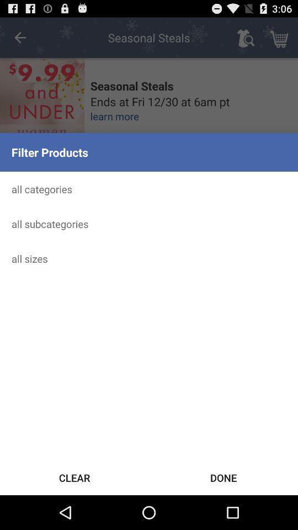 The image size is (298, 530). What do you see at coordinates (74, 477) in the screenshot?
I see `the item at the bottom left corner` at bounding box center [74, 477].